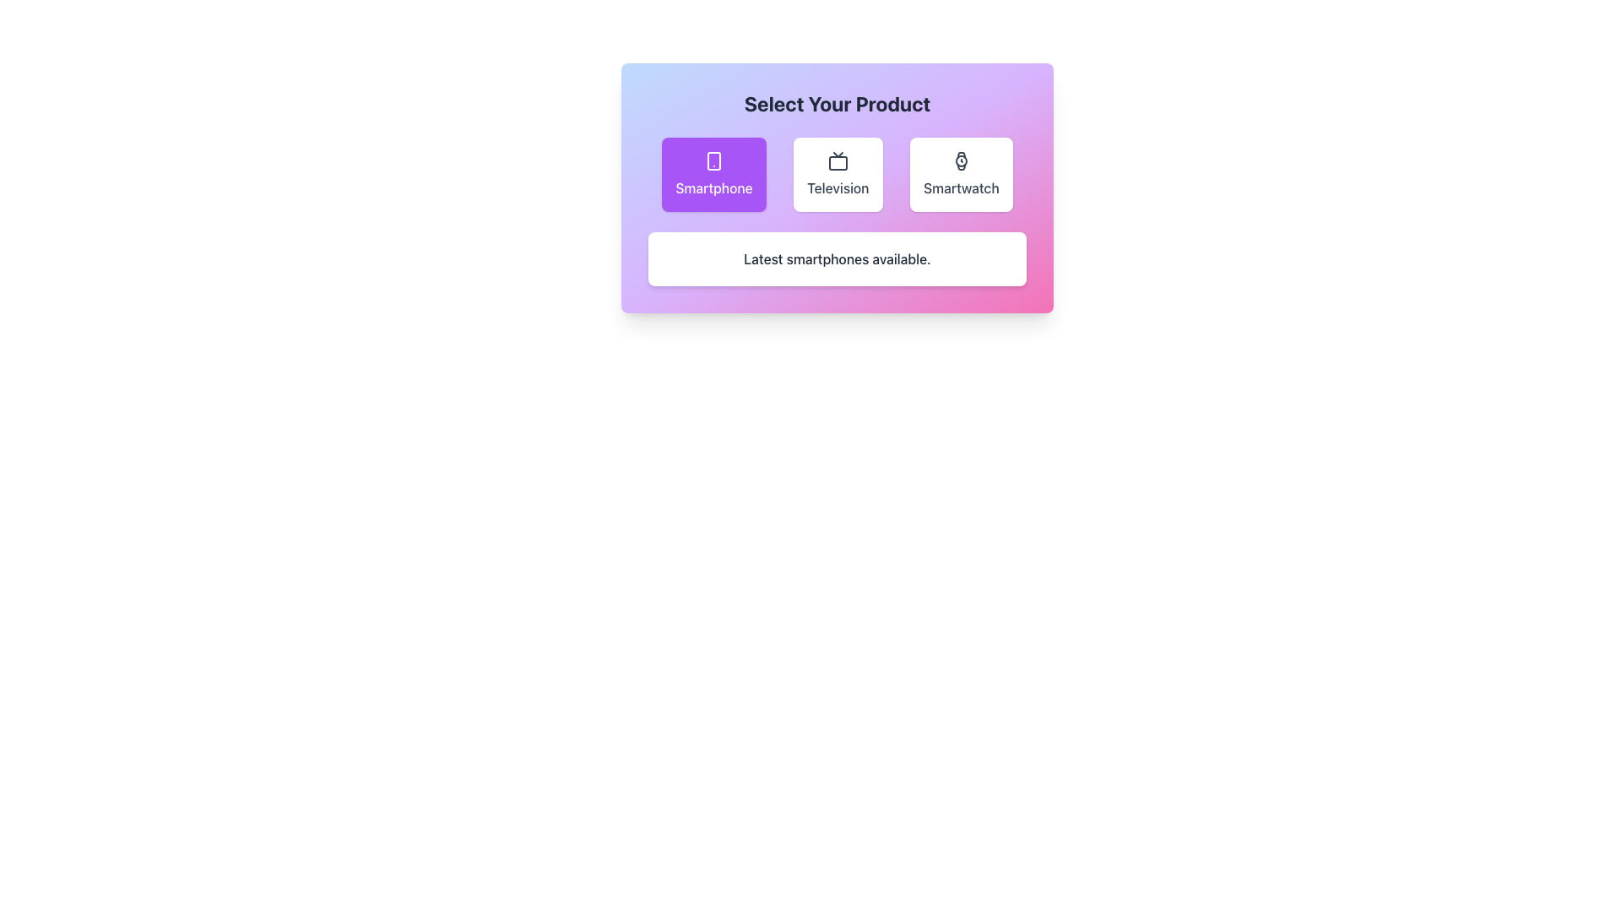  I want to click on the decorative graphical part of the television icon that enhances its appearance, located between the Smartphone and Smartwatch options, so click(838, 163).